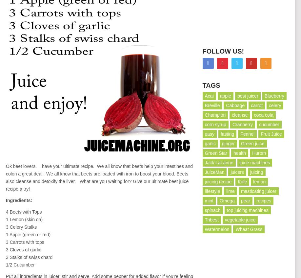  Describe the element at coordinates (28, 234) in the screenshot. I see `'1 Apple (green or red)'` at that location.